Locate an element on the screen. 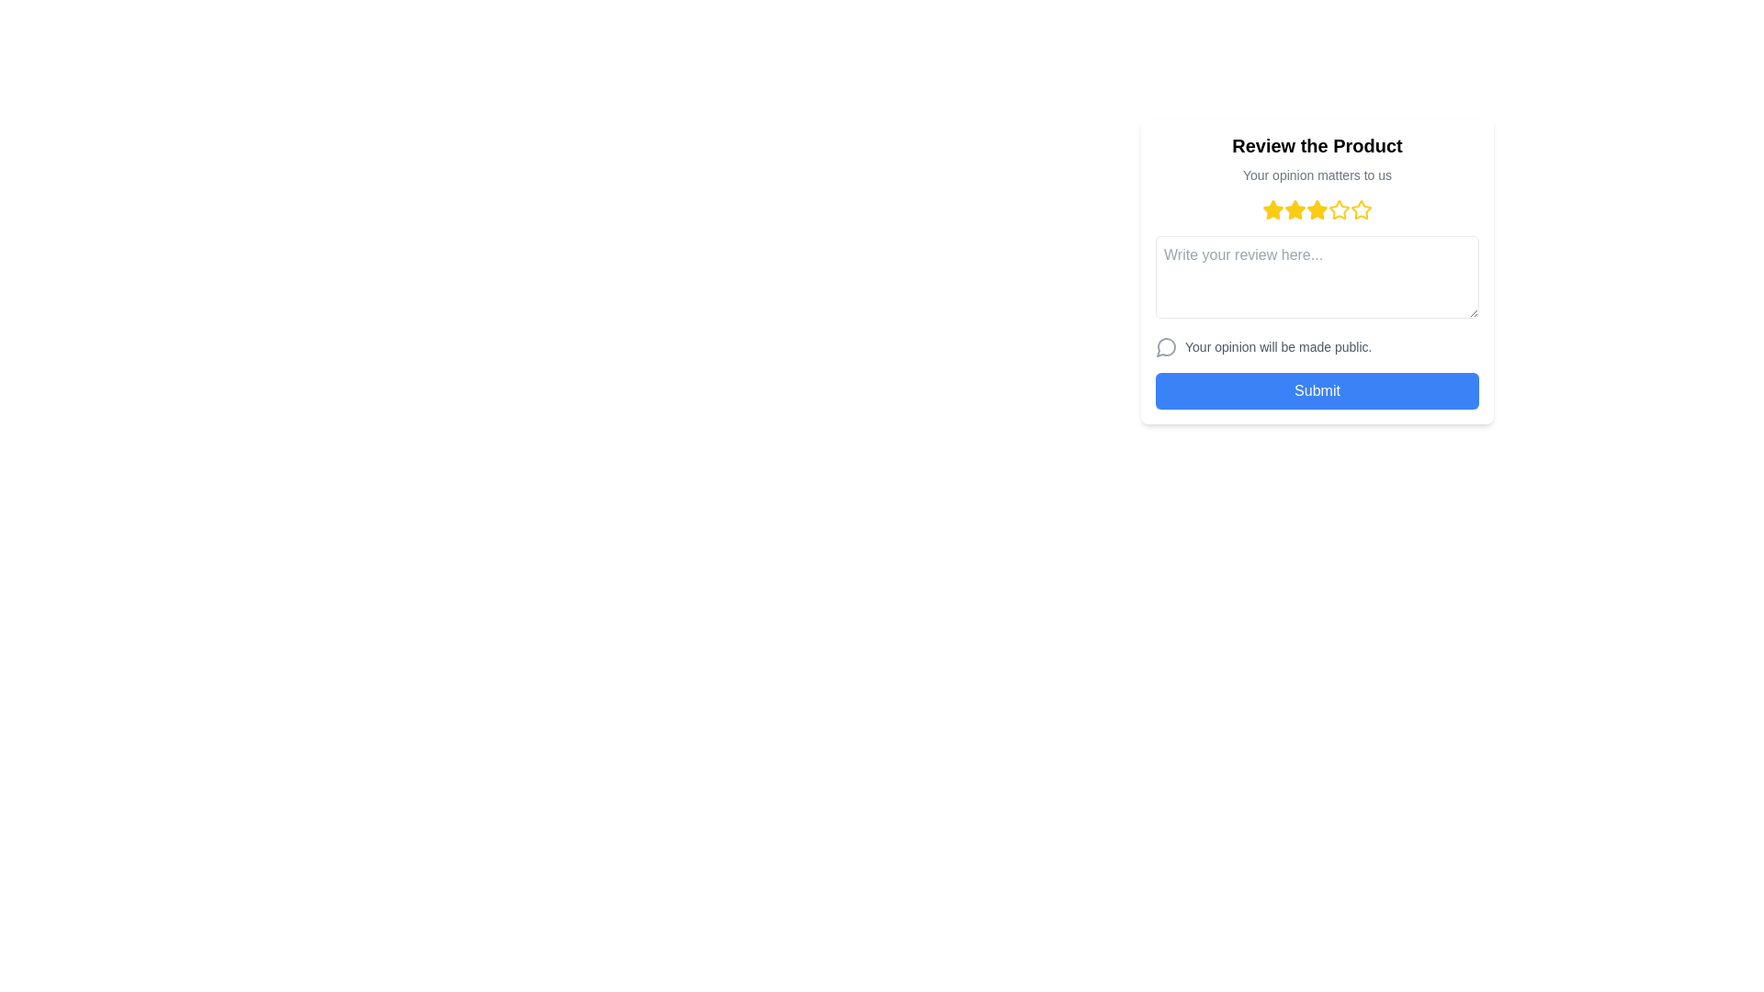  the first yellow star icon is located at coordinates (1272, 209).